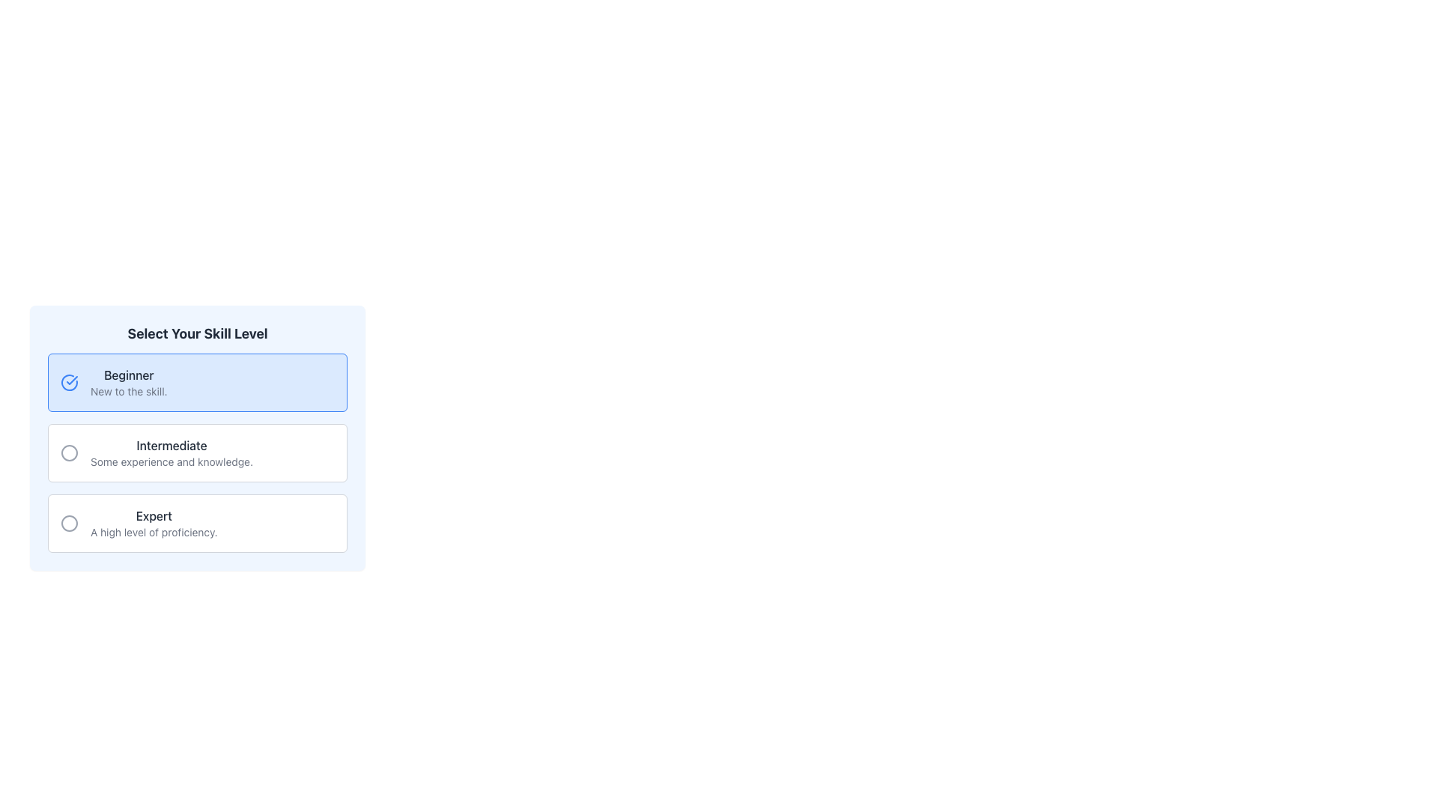 This screenshot has width=1438, height=809. What do you see at coordinates (68, 452) in the screenshot?
I see `the radio button element for the 'Intermediate' option` at bounding box center [68, 452].